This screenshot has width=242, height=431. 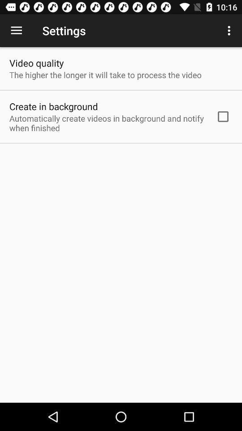 What do you see at coordinates (16, 31) in the screenshot?
I see `icon above the video quality` at bounding box center [16, 31].